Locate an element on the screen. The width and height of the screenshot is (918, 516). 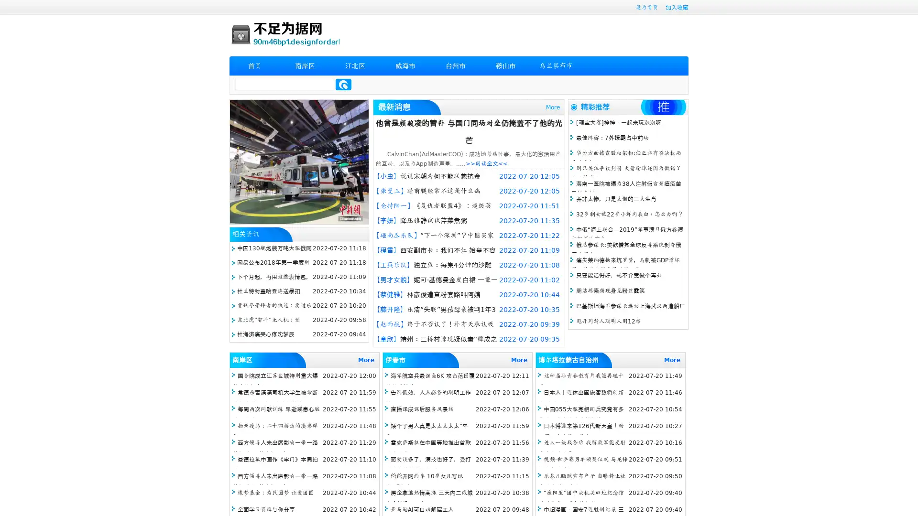
Search is located at coordinates (343, 84).